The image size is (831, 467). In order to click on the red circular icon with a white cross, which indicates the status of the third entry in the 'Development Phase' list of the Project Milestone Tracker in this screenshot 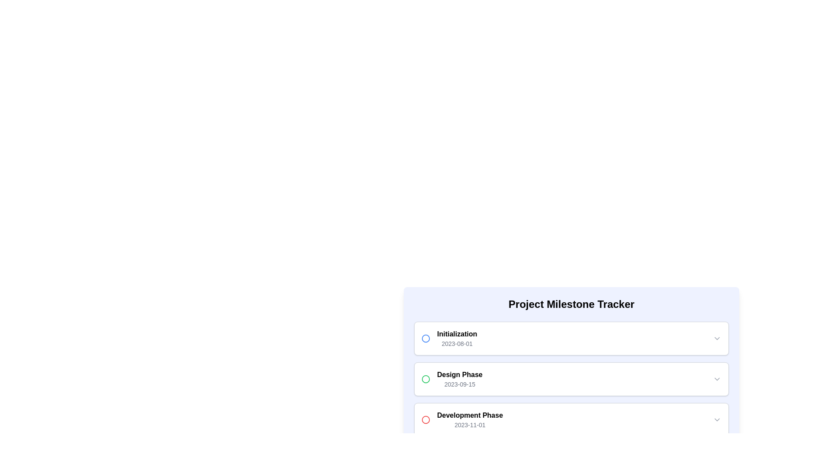, I will do `click(425, 419)`.